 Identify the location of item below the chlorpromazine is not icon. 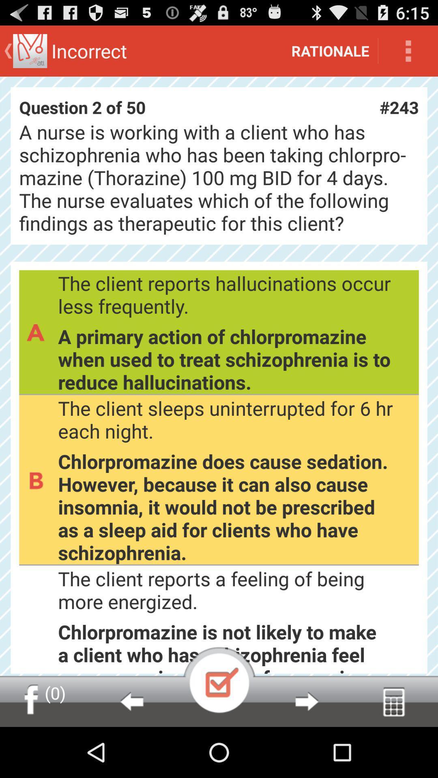
(131, 701).